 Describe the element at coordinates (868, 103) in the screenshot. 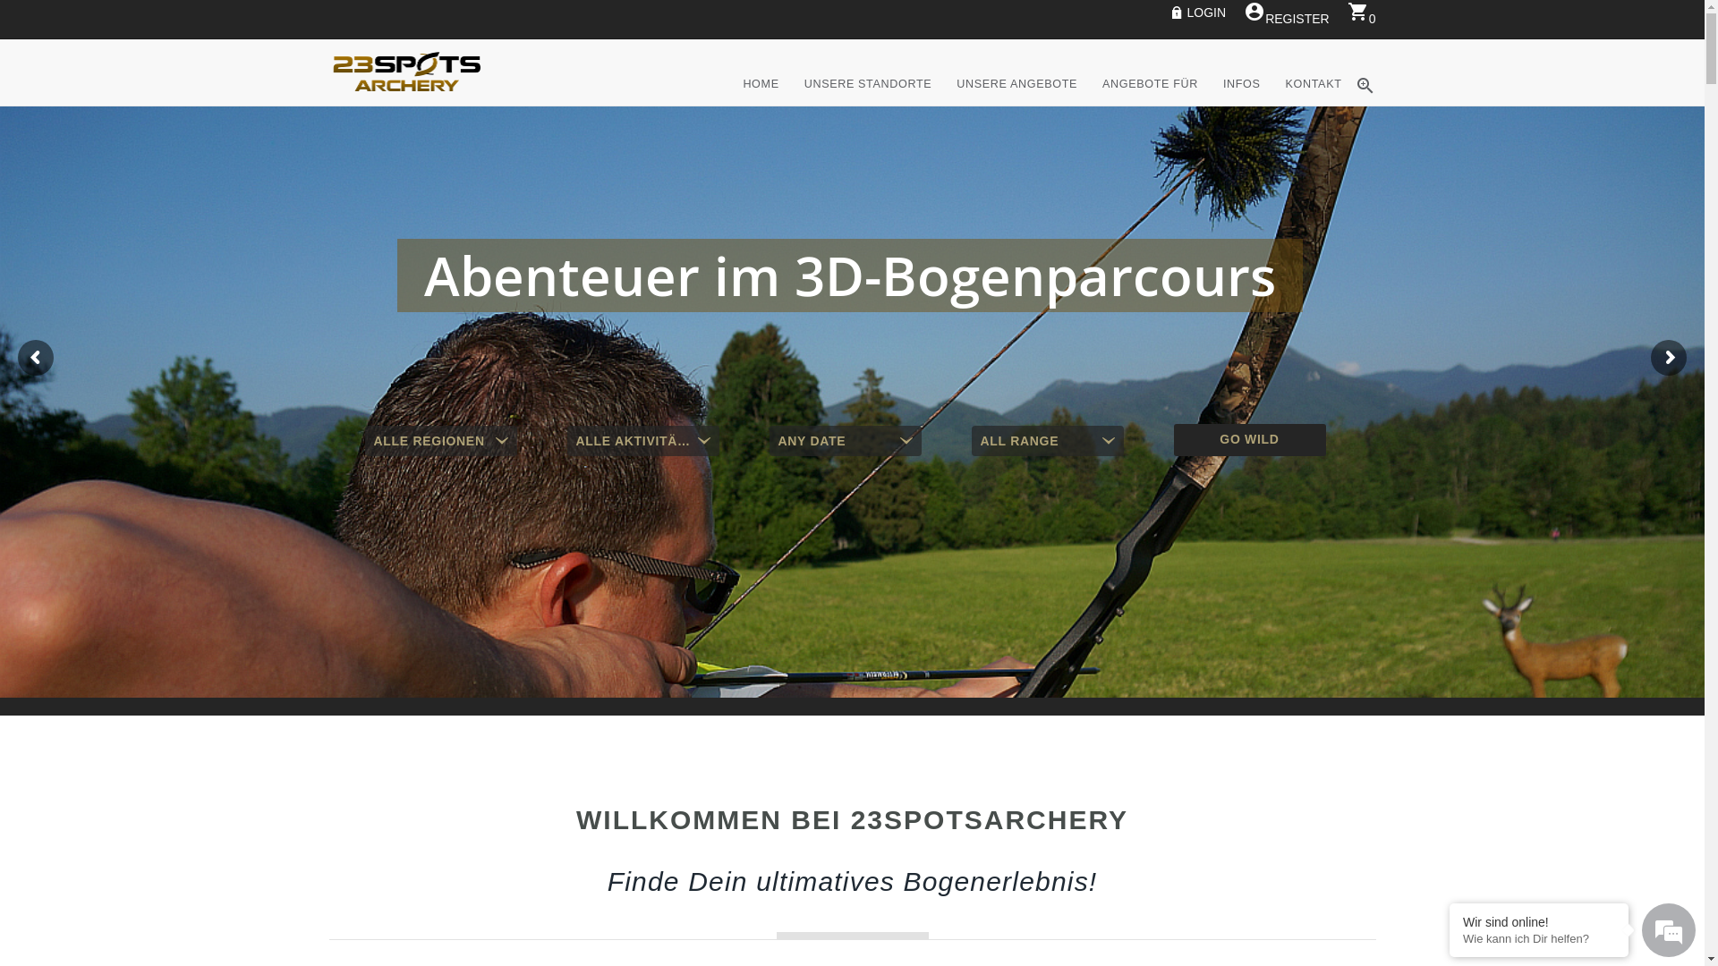

I see `'UNSERE STANDORTE'` at that location.